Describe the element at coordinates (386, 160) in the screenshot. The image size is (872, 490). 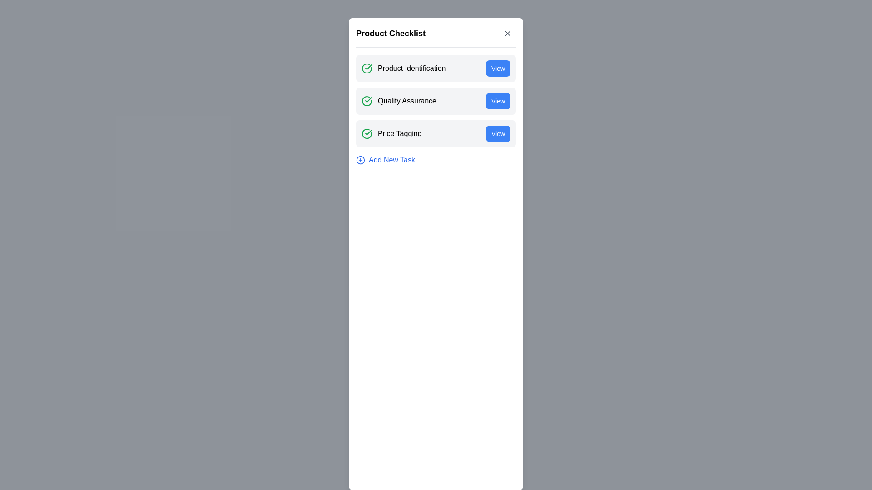
I see `the 'Add New Task' button located at the bottom of the task list for accessibility navigation` at that location.